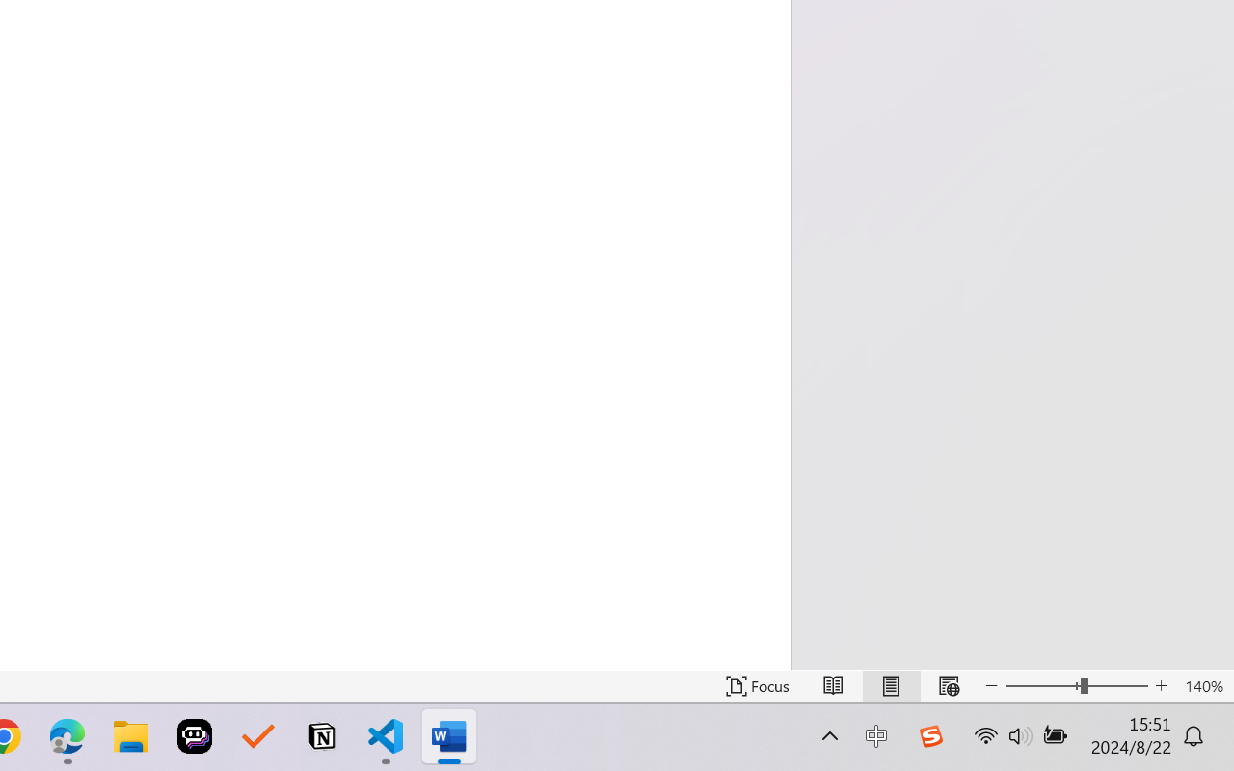 The height and width of the screenshot is (771, 1234). What do you see at coordinates (890, 685) in the screenshot?
I see `'Print Layout'` at bounding box center [890, 685].